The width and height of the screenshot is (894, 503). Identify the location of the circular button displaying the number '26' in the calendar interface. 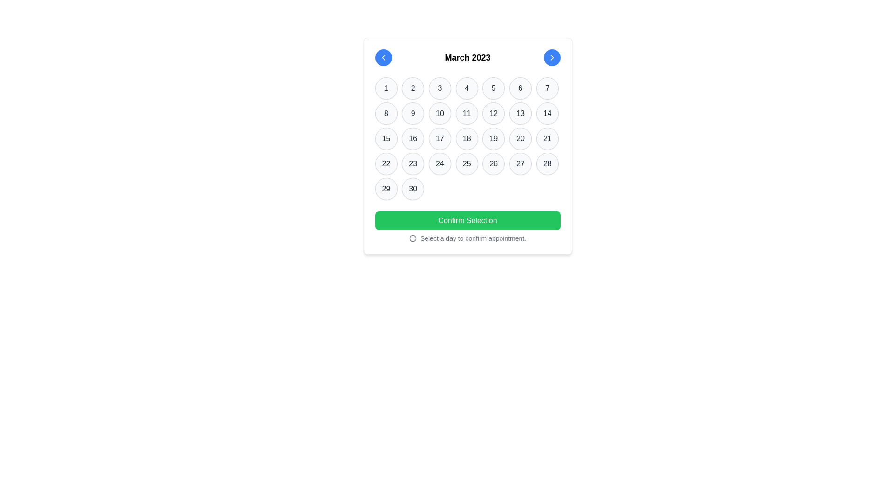
(493, 163).